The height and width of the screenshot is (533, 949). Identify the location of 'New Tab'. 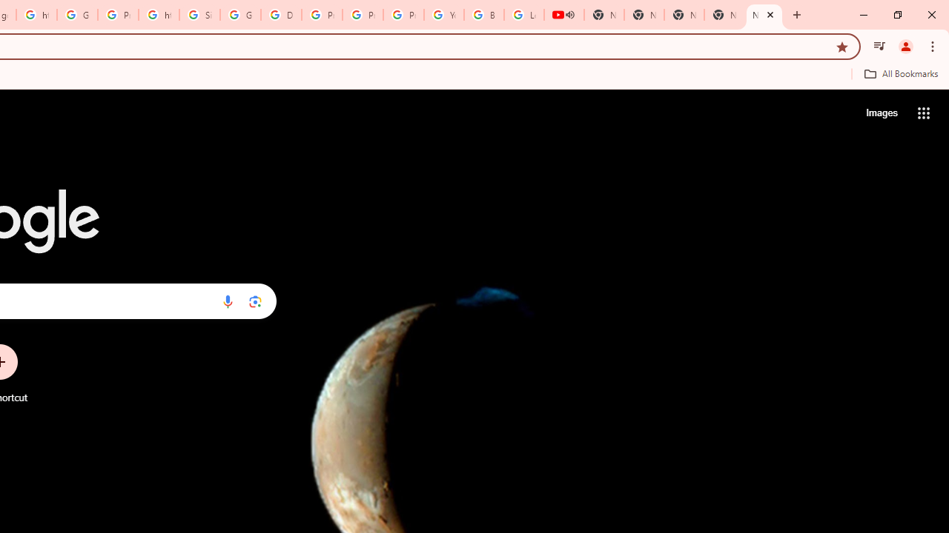
(764, 15).